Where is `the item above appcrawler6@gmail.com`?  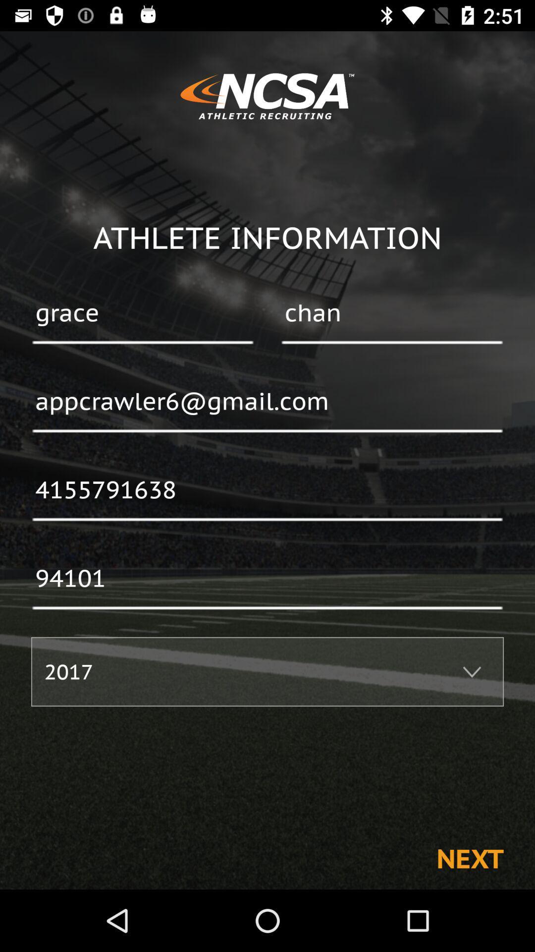 the item above appcrawler6@gmail.com is located at coordinates (143, 313).